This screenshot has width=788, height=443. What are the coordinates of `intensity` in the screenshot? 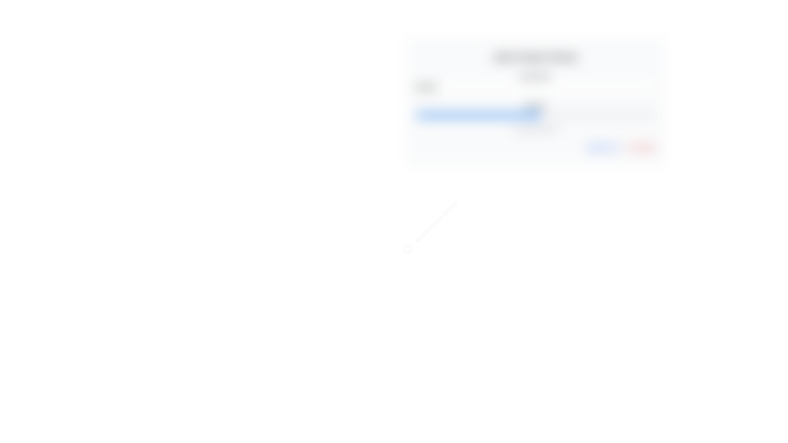 It's located at (488, 115).